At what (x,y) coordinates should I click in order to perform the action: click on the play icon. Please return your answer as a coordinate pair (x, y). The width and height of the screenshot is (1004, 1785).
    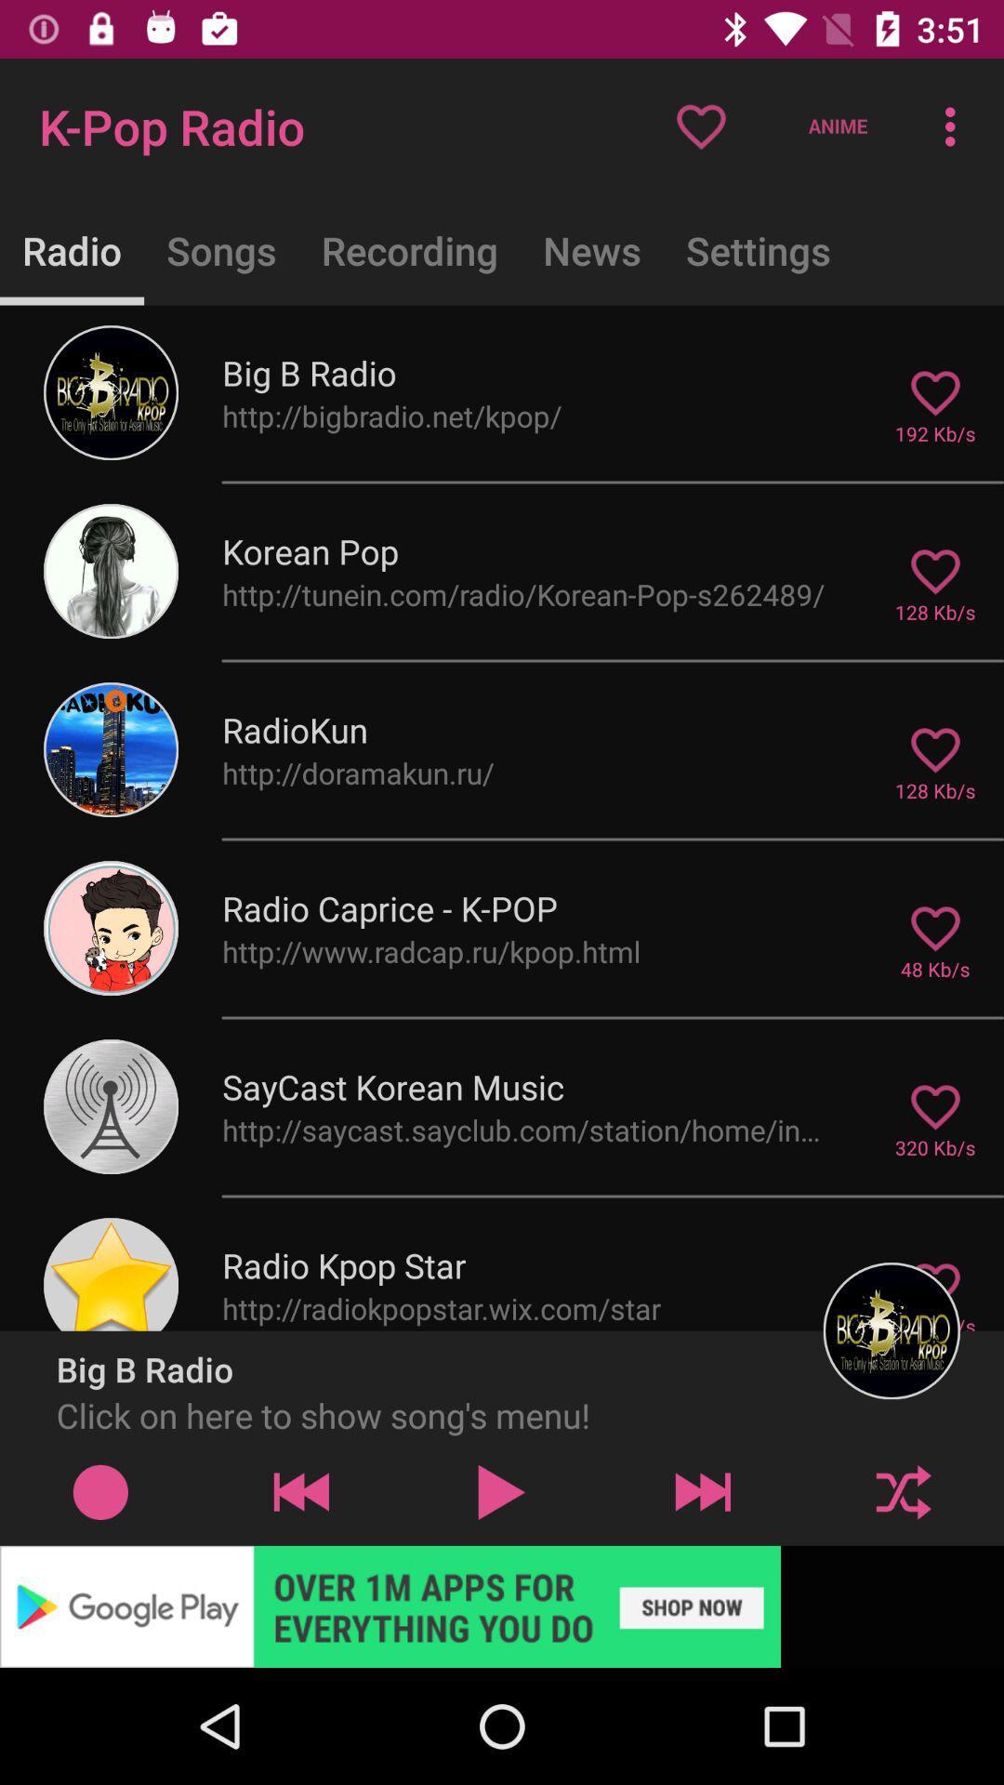
    Looking at the image, I should click on (502, 1491).